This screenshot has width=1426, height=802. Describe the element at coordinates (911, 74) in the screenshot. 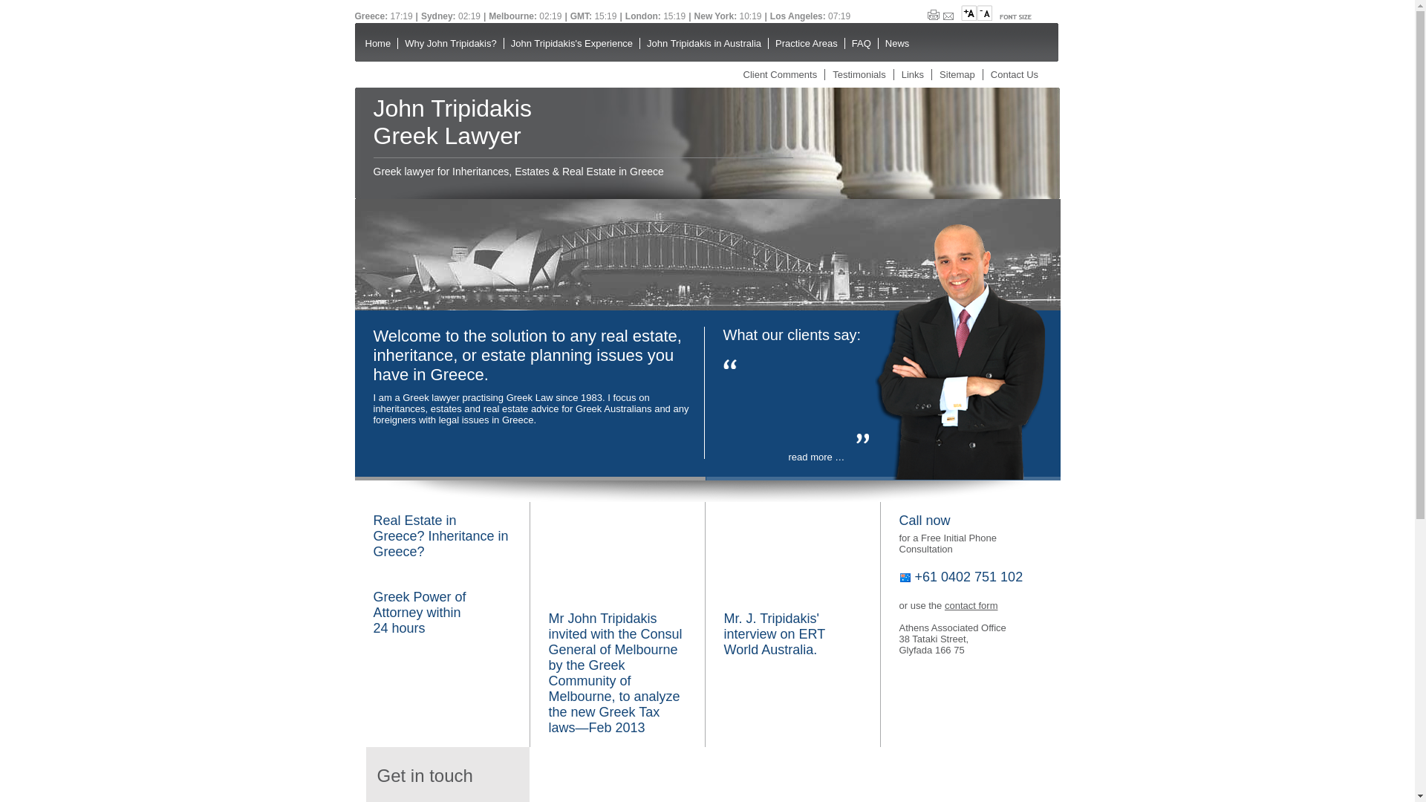

I see `'Links'` at that location.